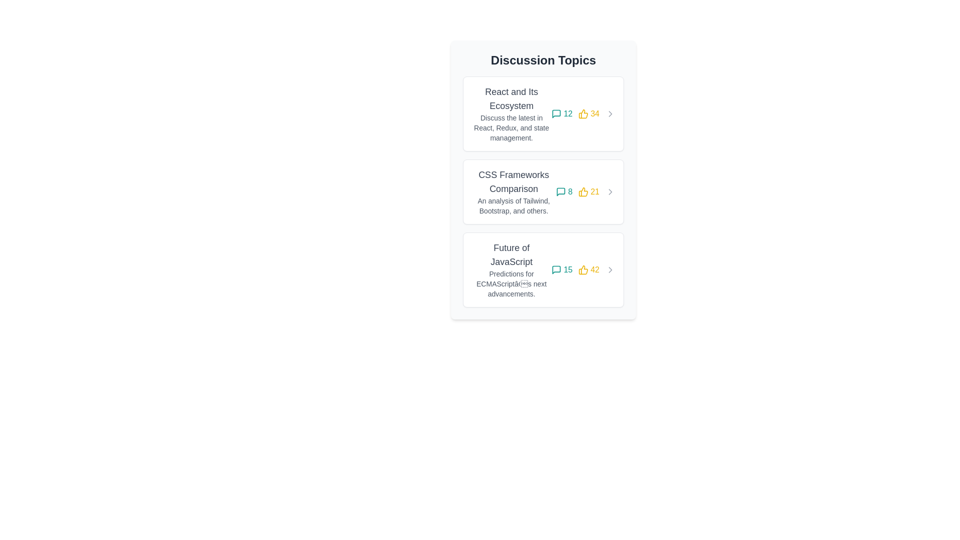 Image resolution: width=960 pixels, height=540 pixels. I want to click on the comment count indicator for the 'Future of JavaScript' topic, which is positioned to the left of the yellow numeric display '42' and near a speech bubble icon, so click(562, 270).